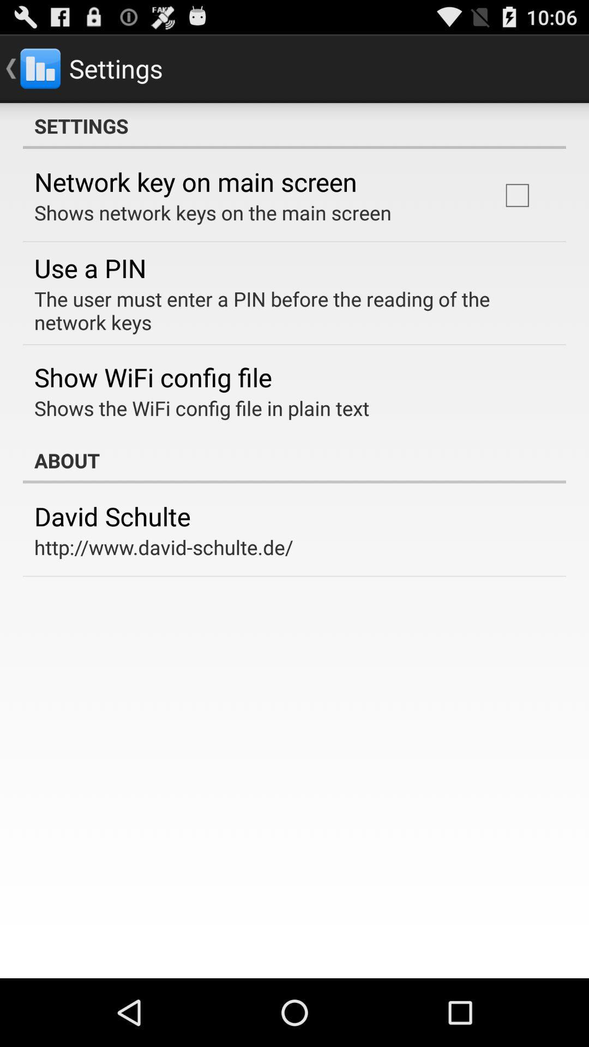 The image size is (589, 1047). I want to click on the icon below use a pin item, so click(286, 310).